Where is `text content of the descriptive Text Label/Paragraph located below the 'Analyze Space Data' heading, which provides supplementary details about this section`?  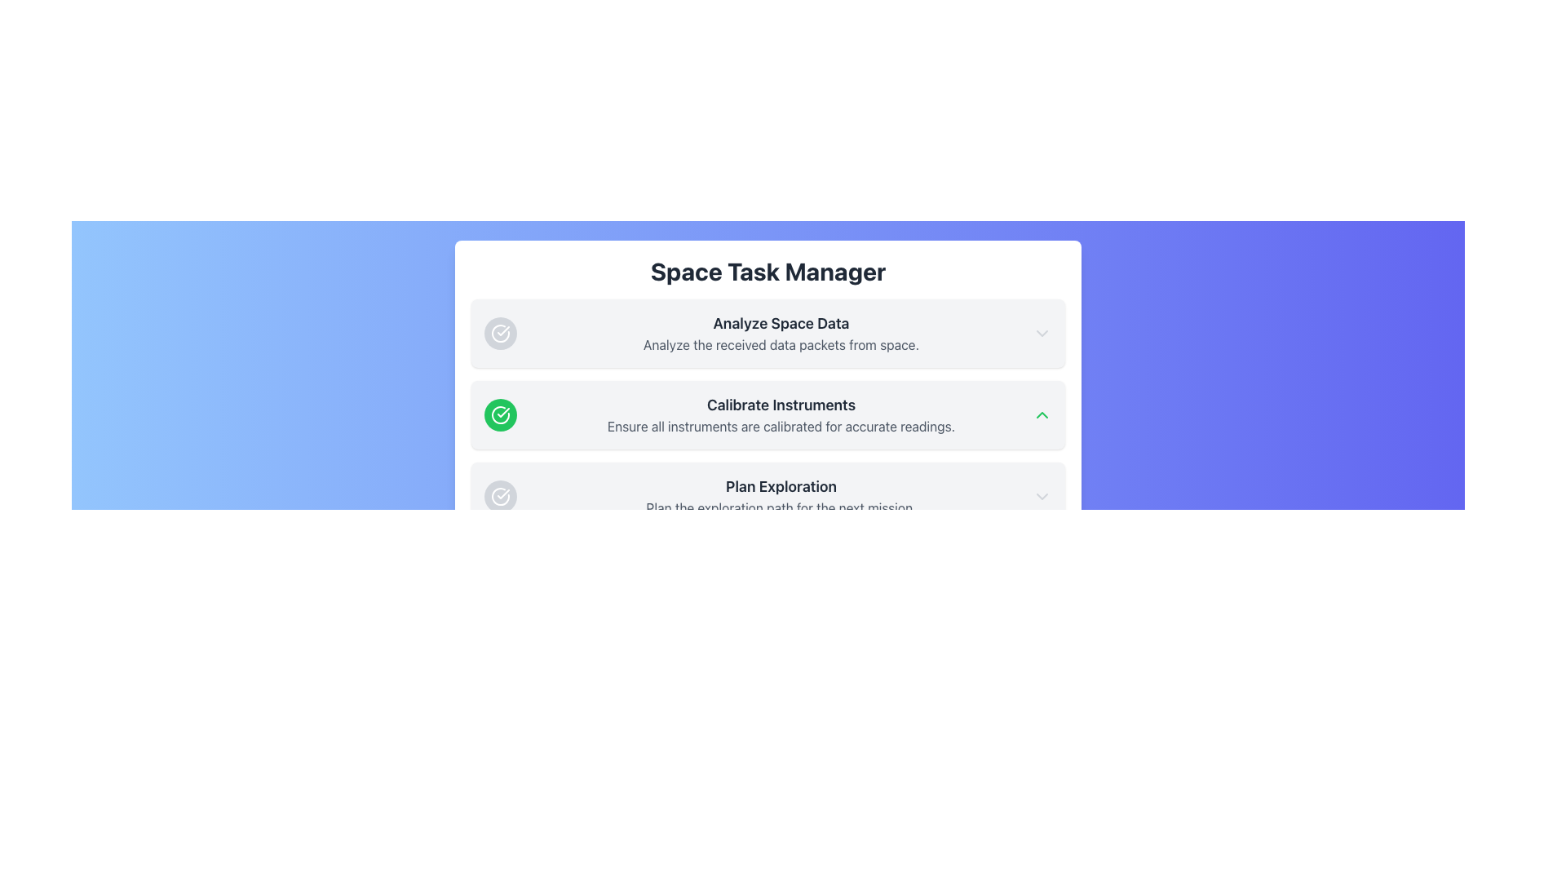 text content of the descriptive Text Label/Paragraph located below the 'Analyze Space Data' heading, which provides supplementary details about this section is located at coordinates (781, 344).